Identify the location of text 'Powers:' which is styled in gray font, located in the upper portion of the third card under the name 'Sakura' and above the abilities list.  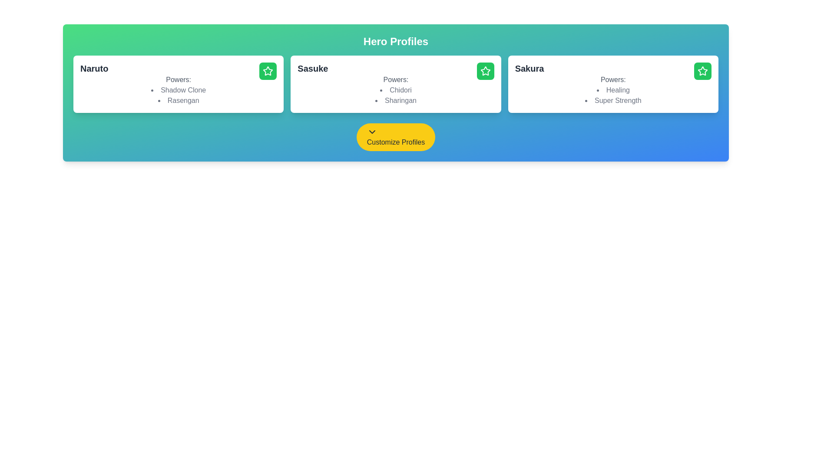
(612, 80).